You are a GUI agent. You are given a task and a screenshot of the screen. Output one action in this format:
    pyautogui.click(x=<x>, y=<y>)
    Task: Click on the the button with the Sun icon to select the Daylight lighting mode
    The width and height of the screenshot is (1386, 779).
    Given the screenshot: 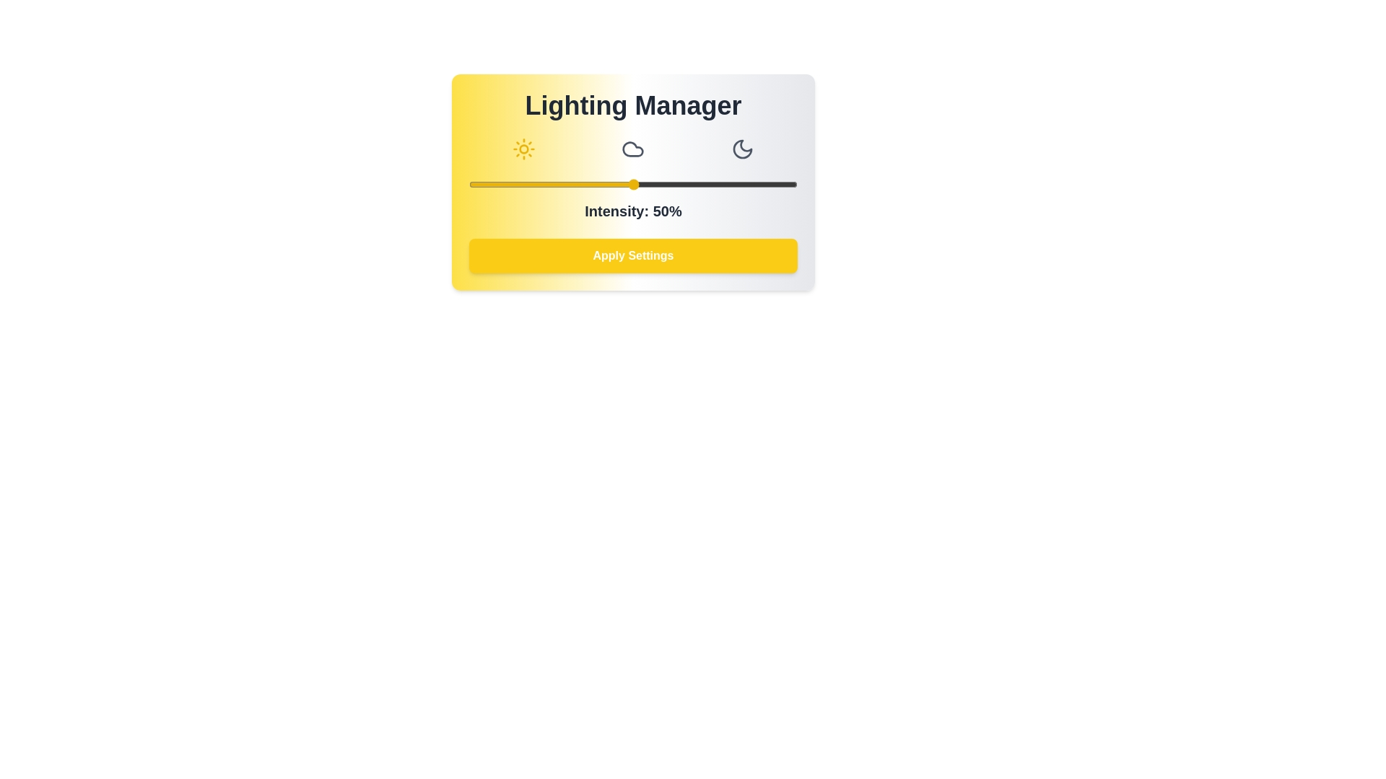 What is the action you would take?
    pyautogui.click(x=523, y=149)
    